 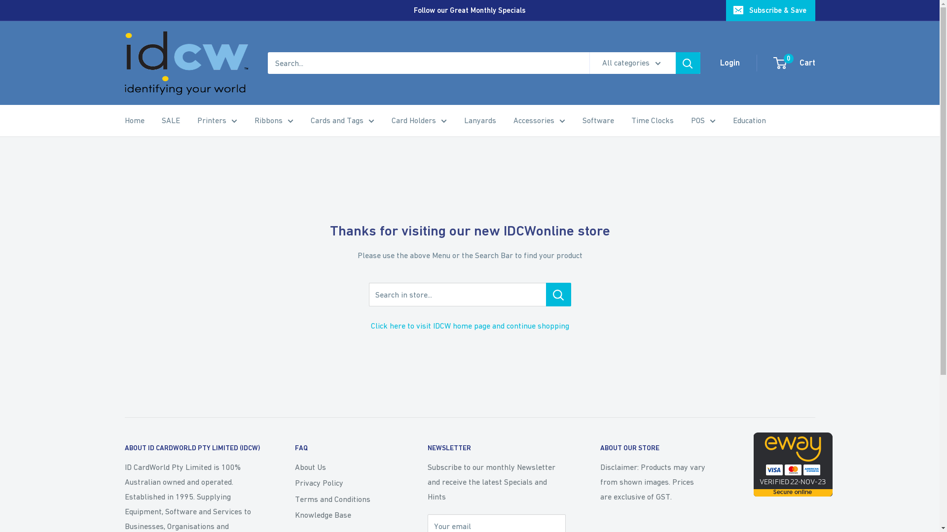 I want to click on 'Privacy Policy', so click(x=344, y=482).